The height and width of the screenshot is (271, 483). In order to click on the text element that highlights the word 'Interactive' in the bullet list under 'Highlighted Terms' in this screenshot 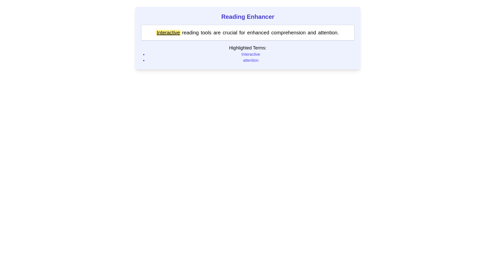, I will do `click(251, 54)`.